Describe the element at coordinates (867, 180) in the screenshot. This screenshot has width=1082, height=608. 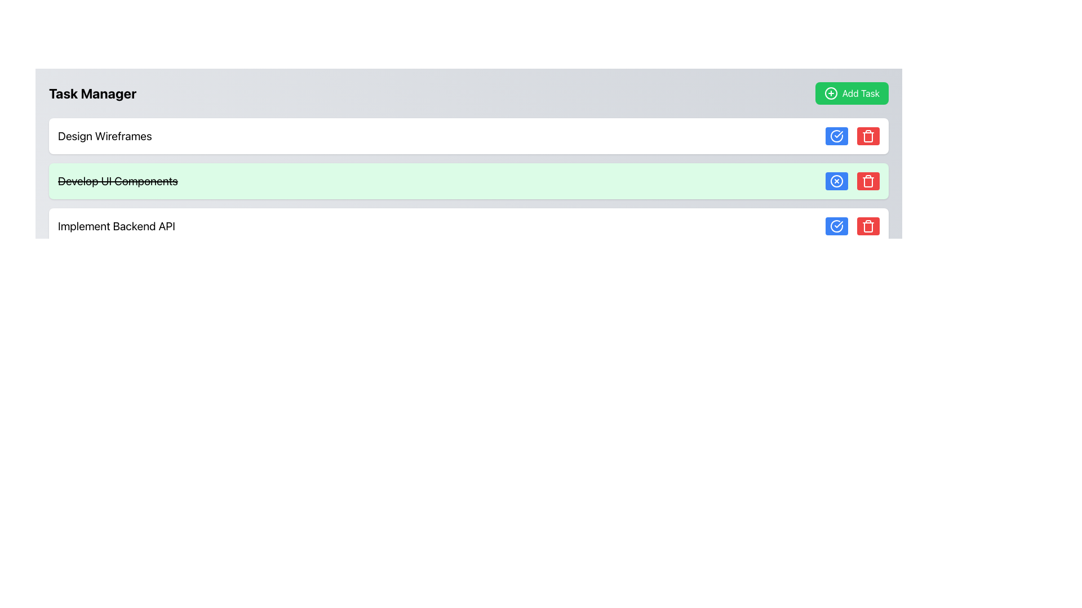
I see `the delete button located on the rightmost side of the second task row labeled 'Develop UI Components'` at that location.